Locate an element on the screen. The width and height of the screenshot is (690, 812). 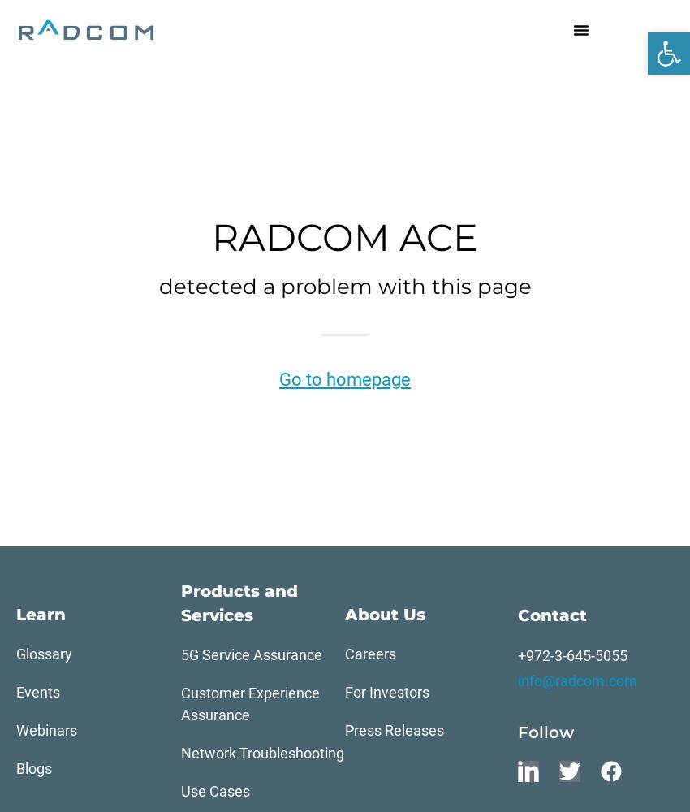
'Products and Services' is located at coordinates (238, 603).